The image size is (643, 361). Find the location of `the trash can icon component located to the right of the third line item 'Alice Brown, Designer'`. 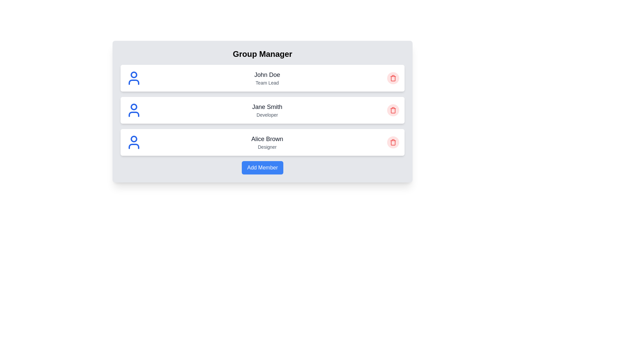

the trash can icon component located to the right of the third line item 'Alice Brown, Designer' is located at coordinates (393, 142).